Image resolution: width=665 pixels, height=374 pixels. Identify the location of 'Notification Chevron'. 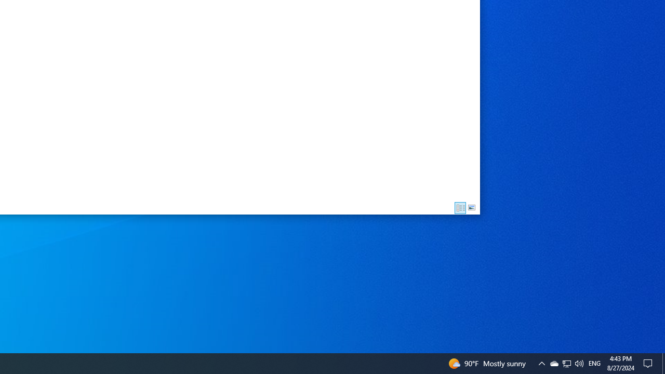
(541, 363).